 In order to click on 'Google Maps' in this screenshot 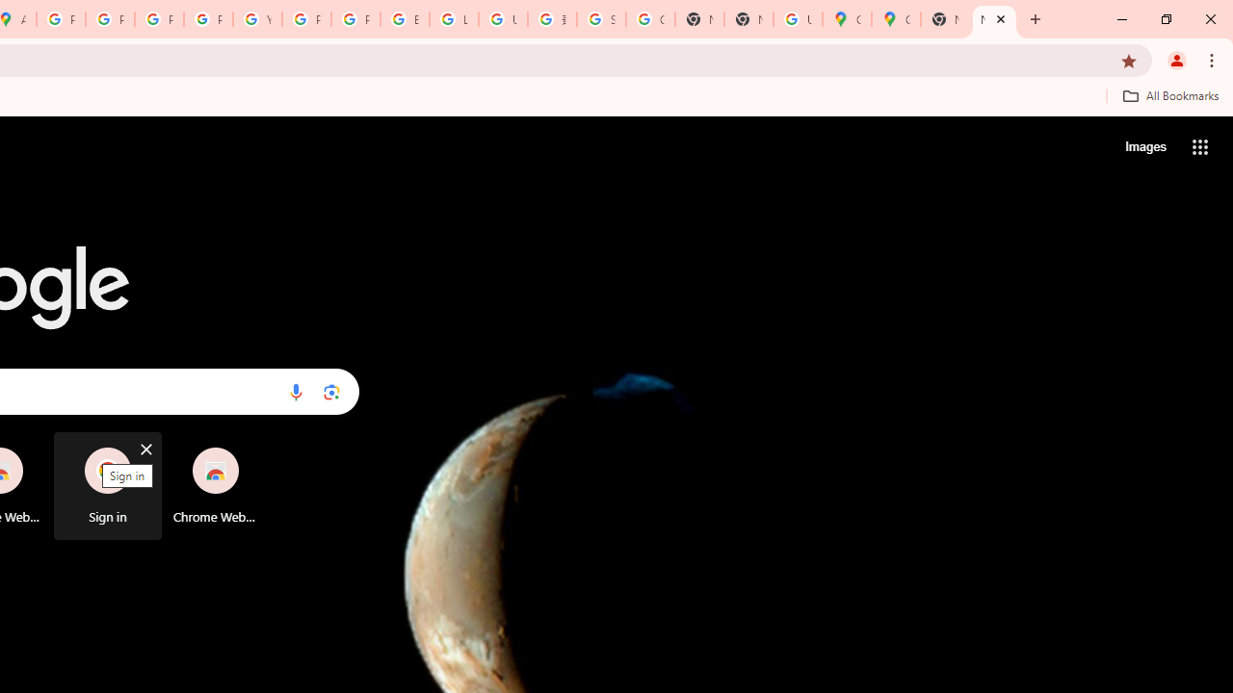, I will do `click(847, 19)`.